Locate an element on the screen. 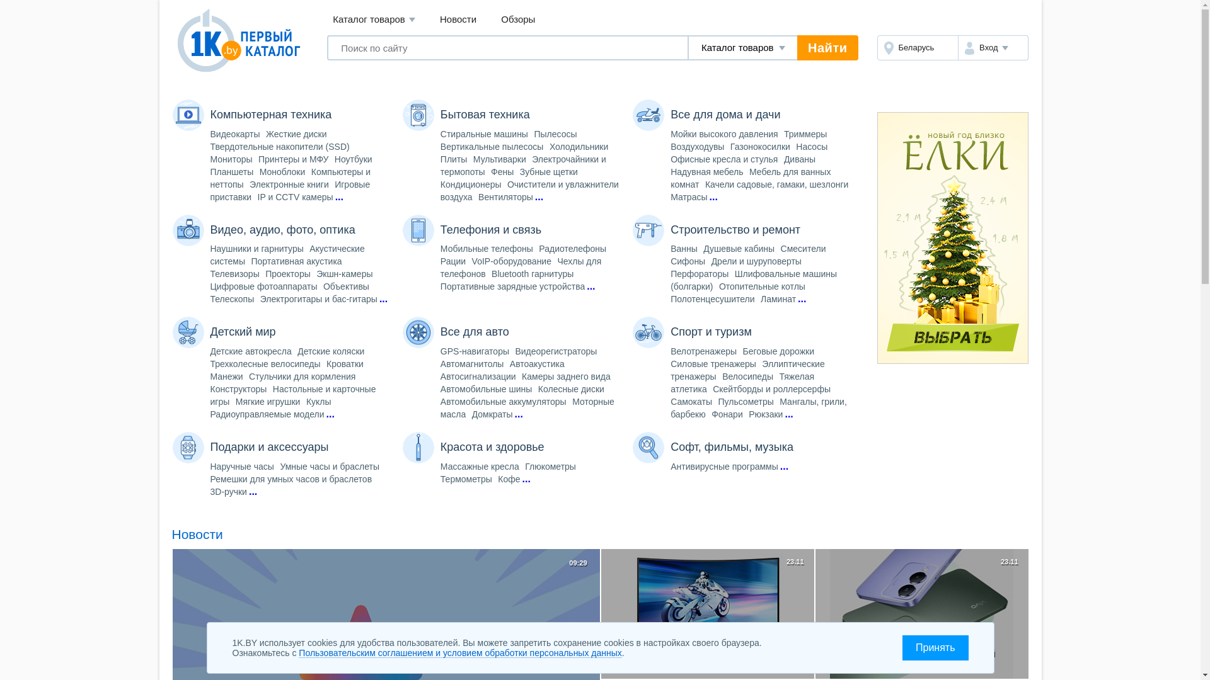 Image resolution: width=1210 pixels, height=680 pixels. '...' is located at coordinates (713, 196).